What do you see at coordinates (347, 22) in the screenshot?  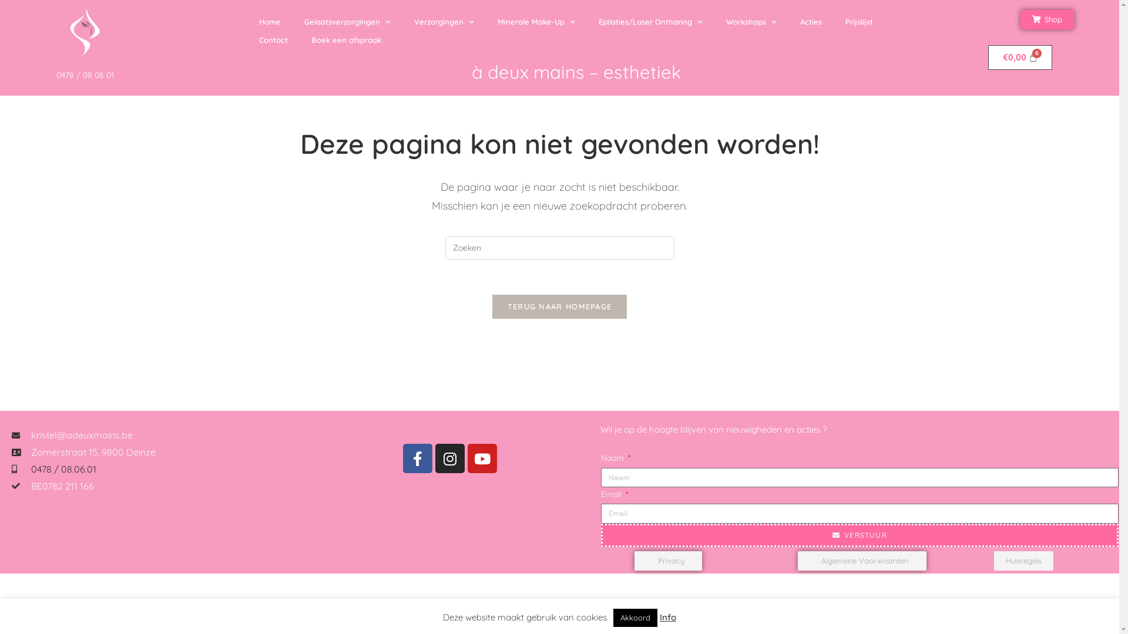 I see `'Gelaatsverzorgingen'` at bounding box center [347, 22].